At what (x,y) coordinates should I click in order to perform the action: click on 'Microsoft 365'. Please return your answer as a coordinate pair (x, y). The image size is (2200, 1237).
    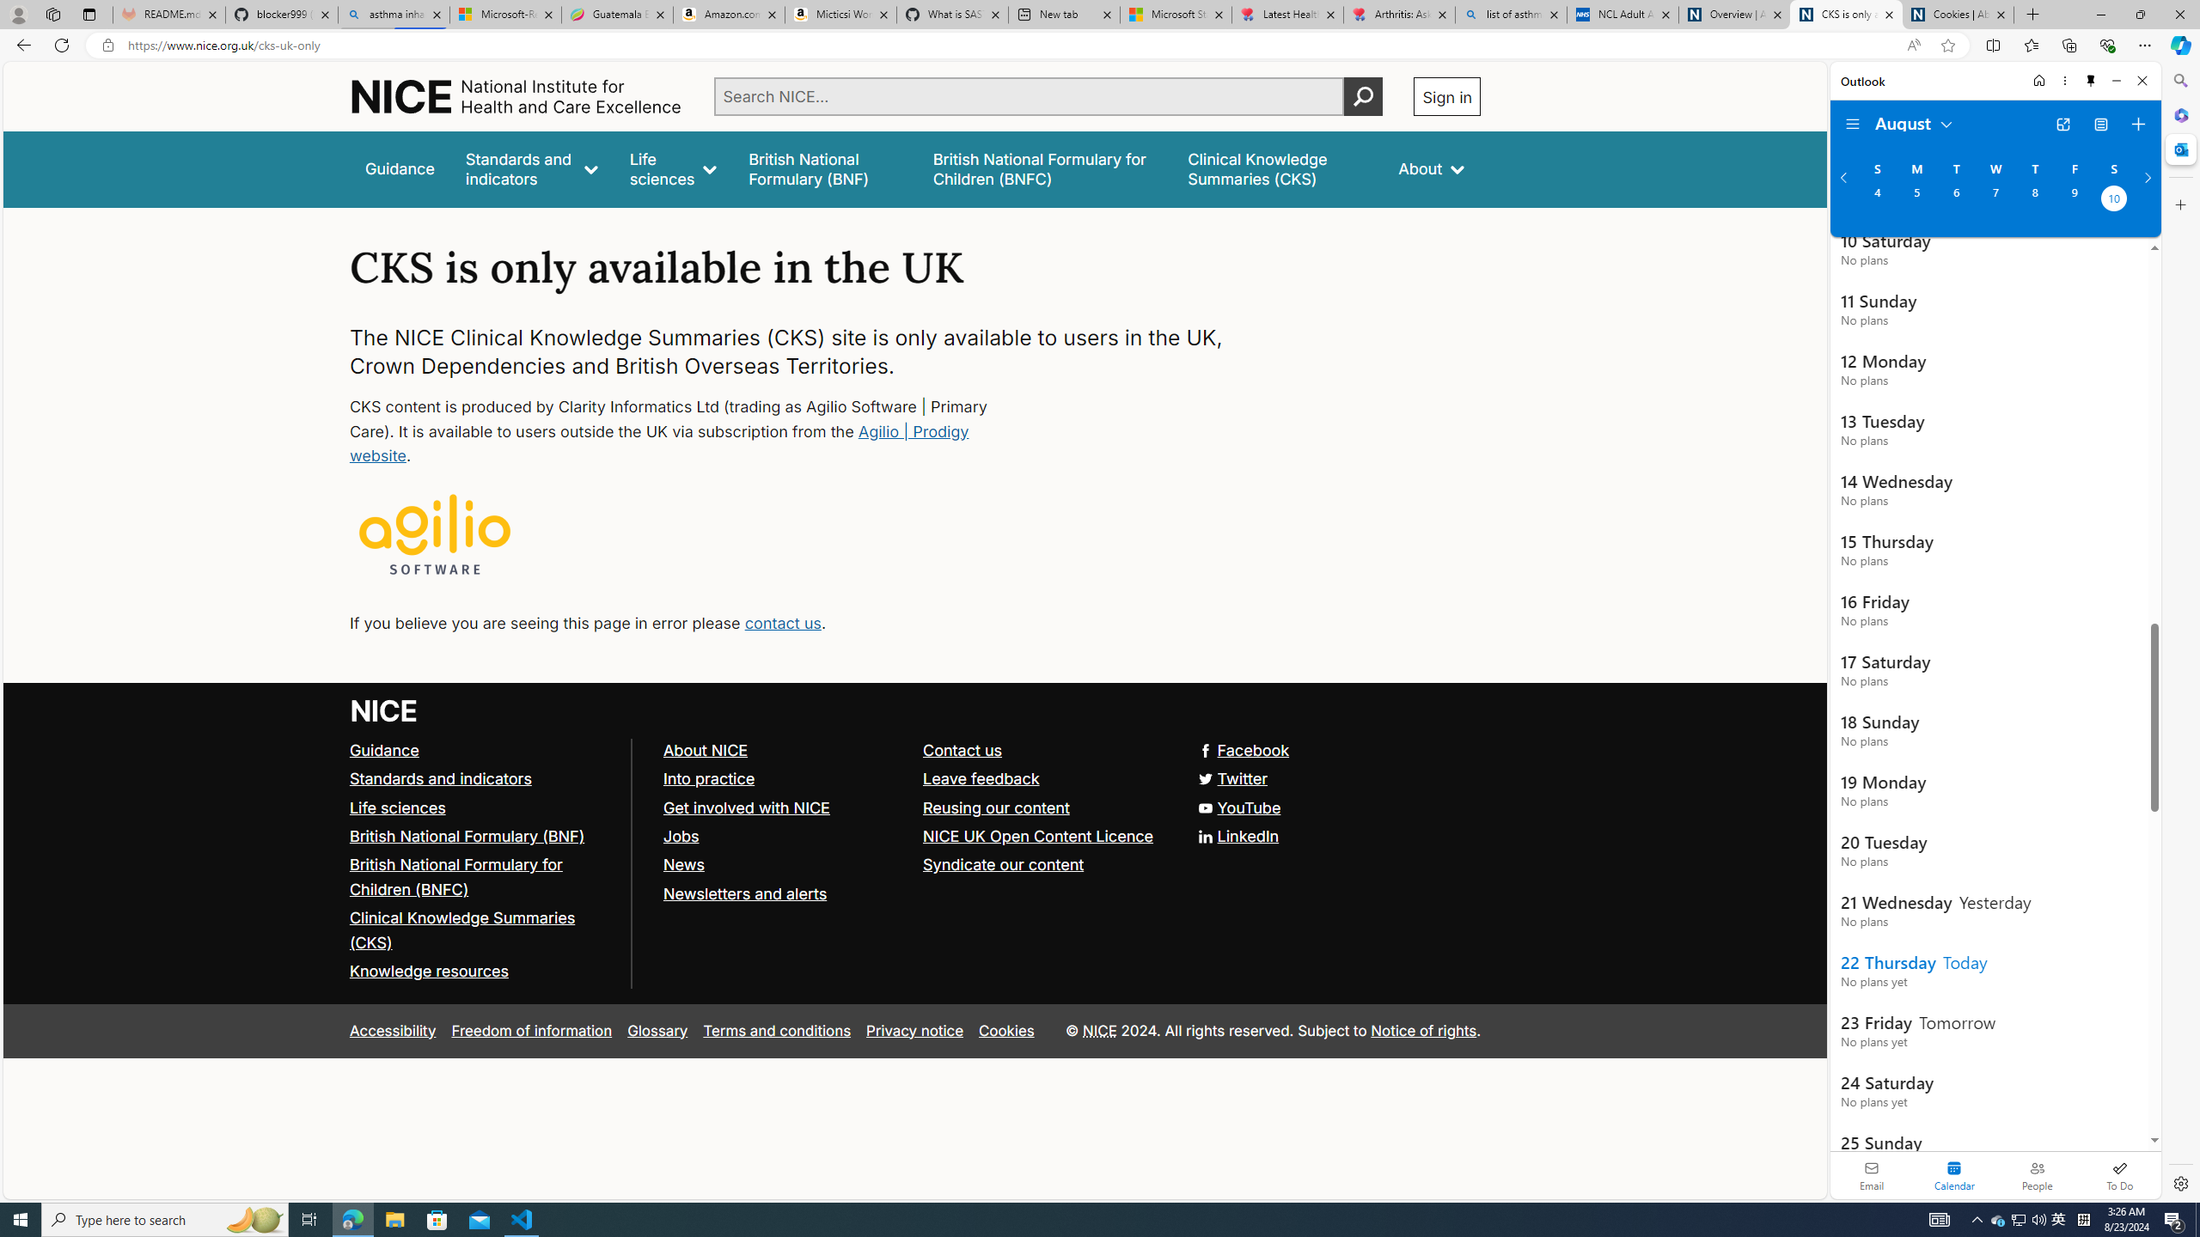
    Looking at the image, I should click on (2179, 115).